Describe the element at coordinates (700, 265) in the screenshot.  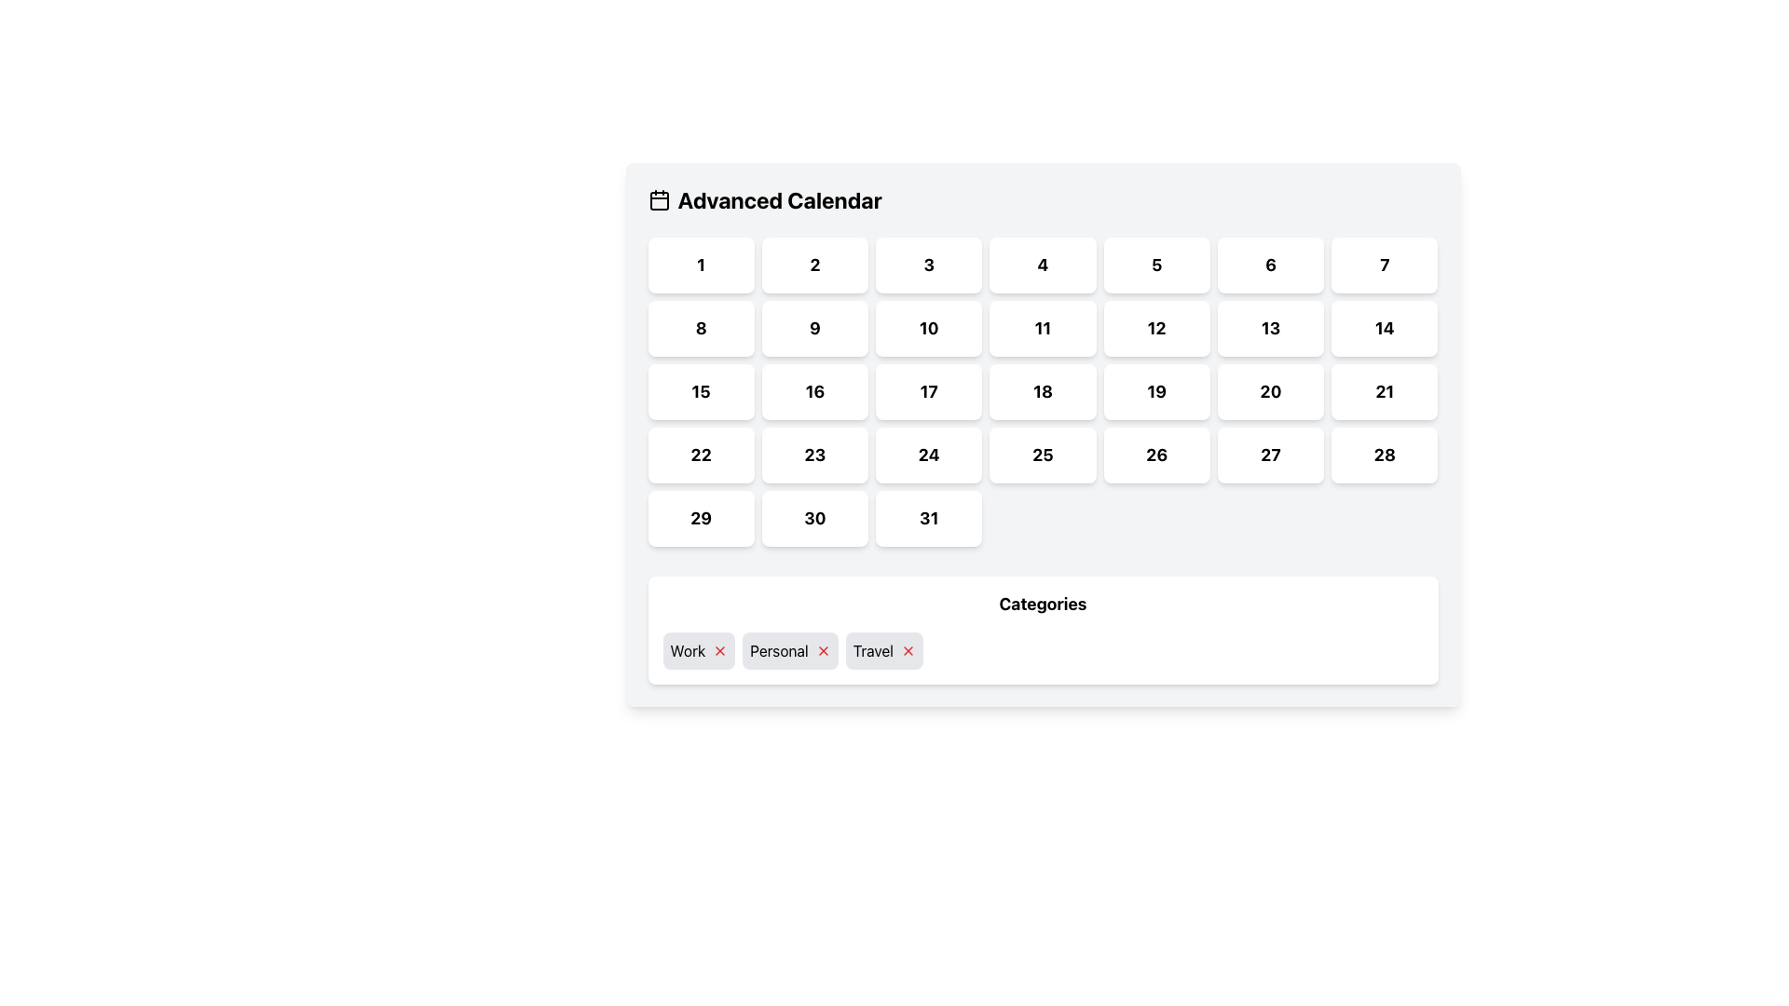
I see `the first day selection button in the calendar interface to change its background` at that location.